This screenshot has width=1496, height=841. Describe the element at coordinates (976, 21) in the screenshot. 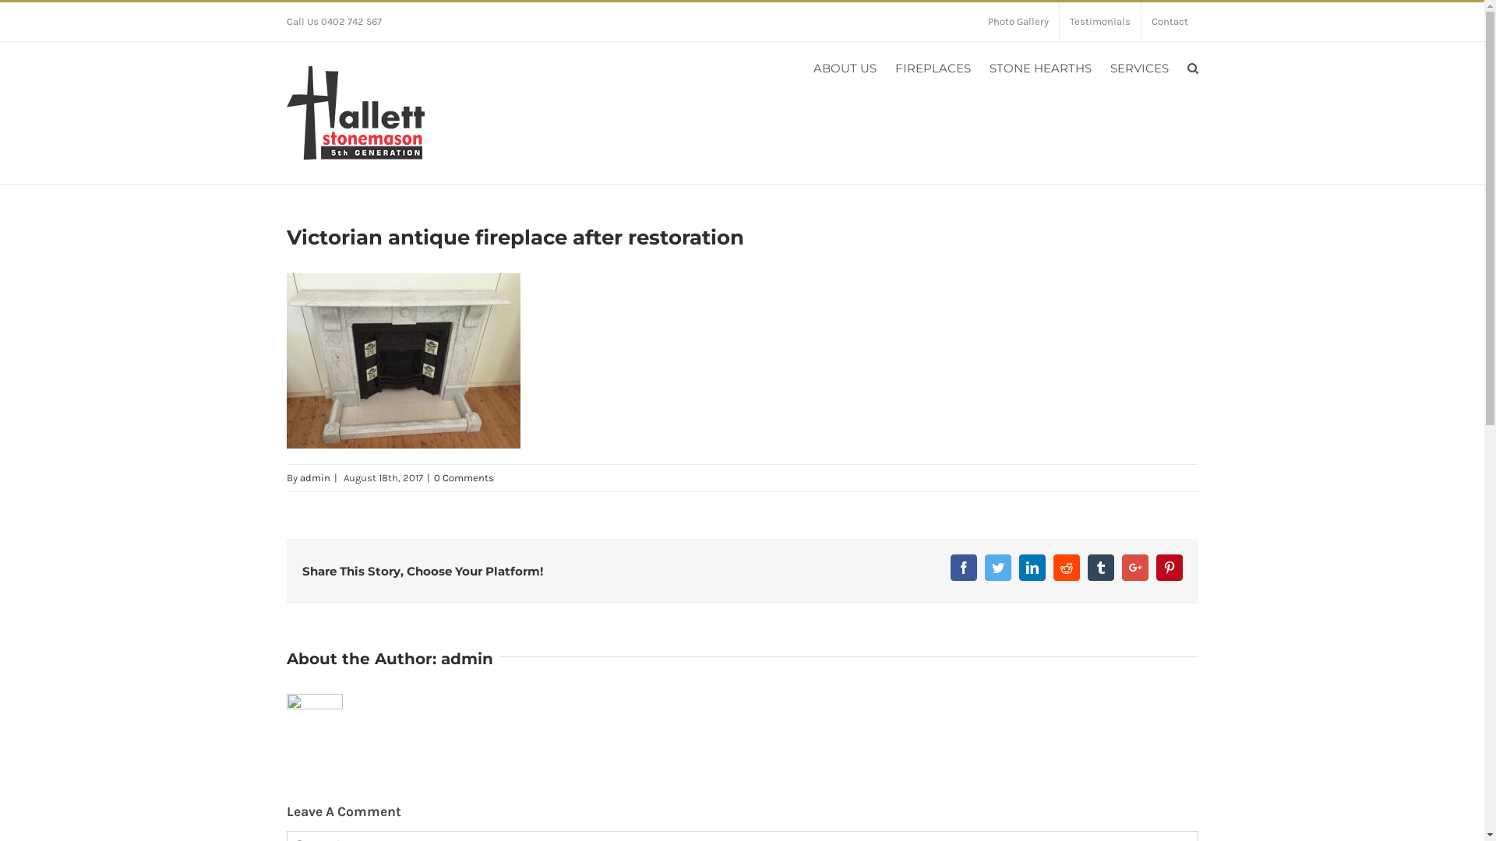

I see `'Photo Gallery'` at that location.